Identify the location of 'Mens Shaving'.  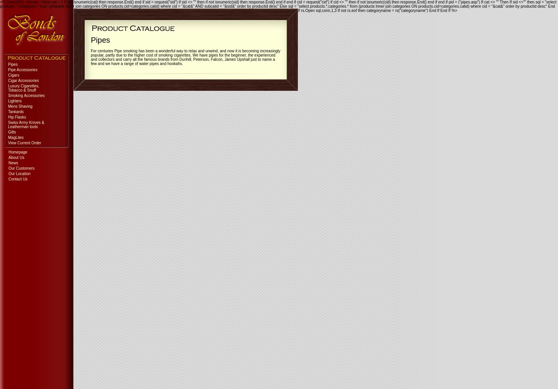
(20, 106).